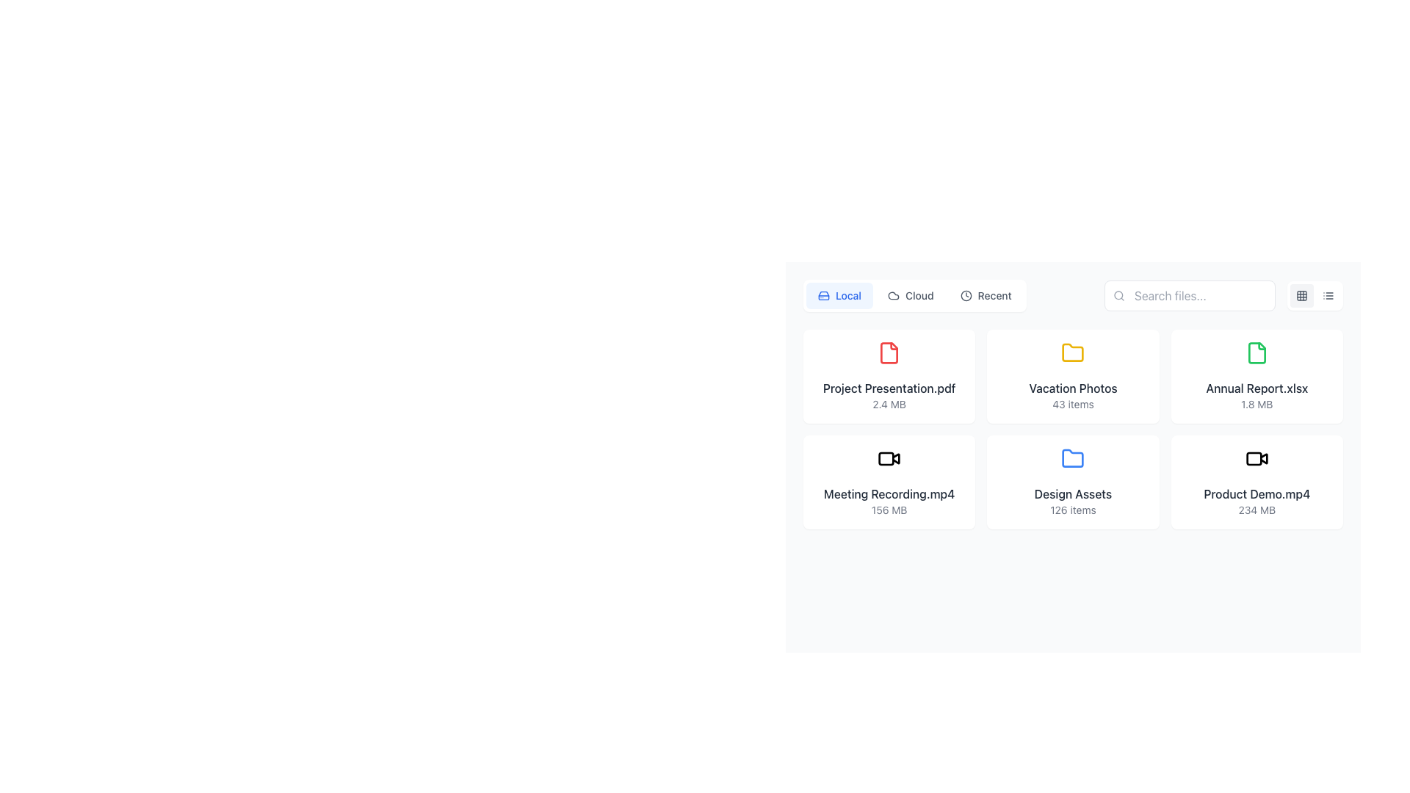 This screenshot has height=793, width=1410. Describe the element at coordinates (889, 500) in the screenshot. I see `the labeled text element displaying 'Meeting Recording.mp4'` at that location.